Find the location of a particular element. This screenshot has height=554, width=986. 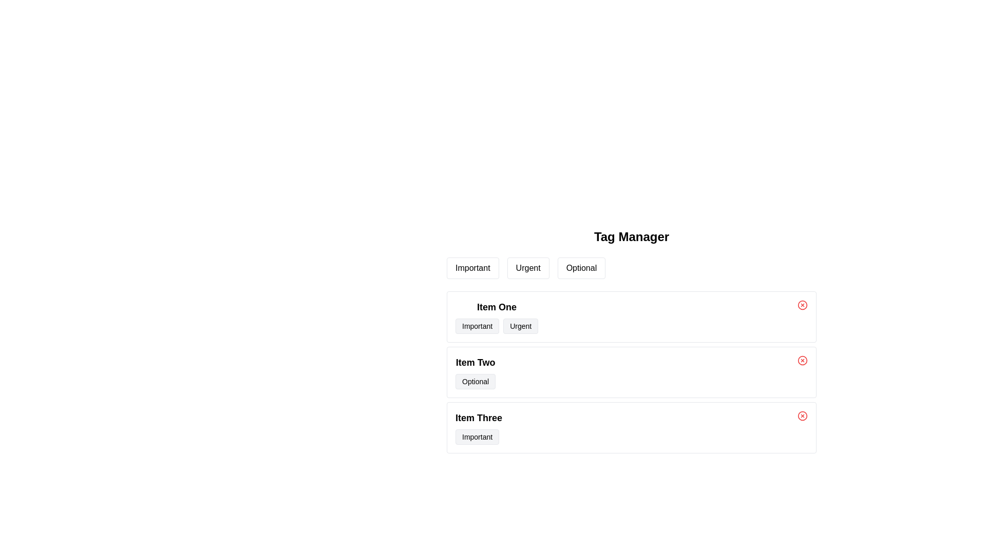

the 'Important' tag label, which is a button-like component with gray text and a light gray rounded background, located beneath the 'Item One' heading is located at coordinates (477, 326).